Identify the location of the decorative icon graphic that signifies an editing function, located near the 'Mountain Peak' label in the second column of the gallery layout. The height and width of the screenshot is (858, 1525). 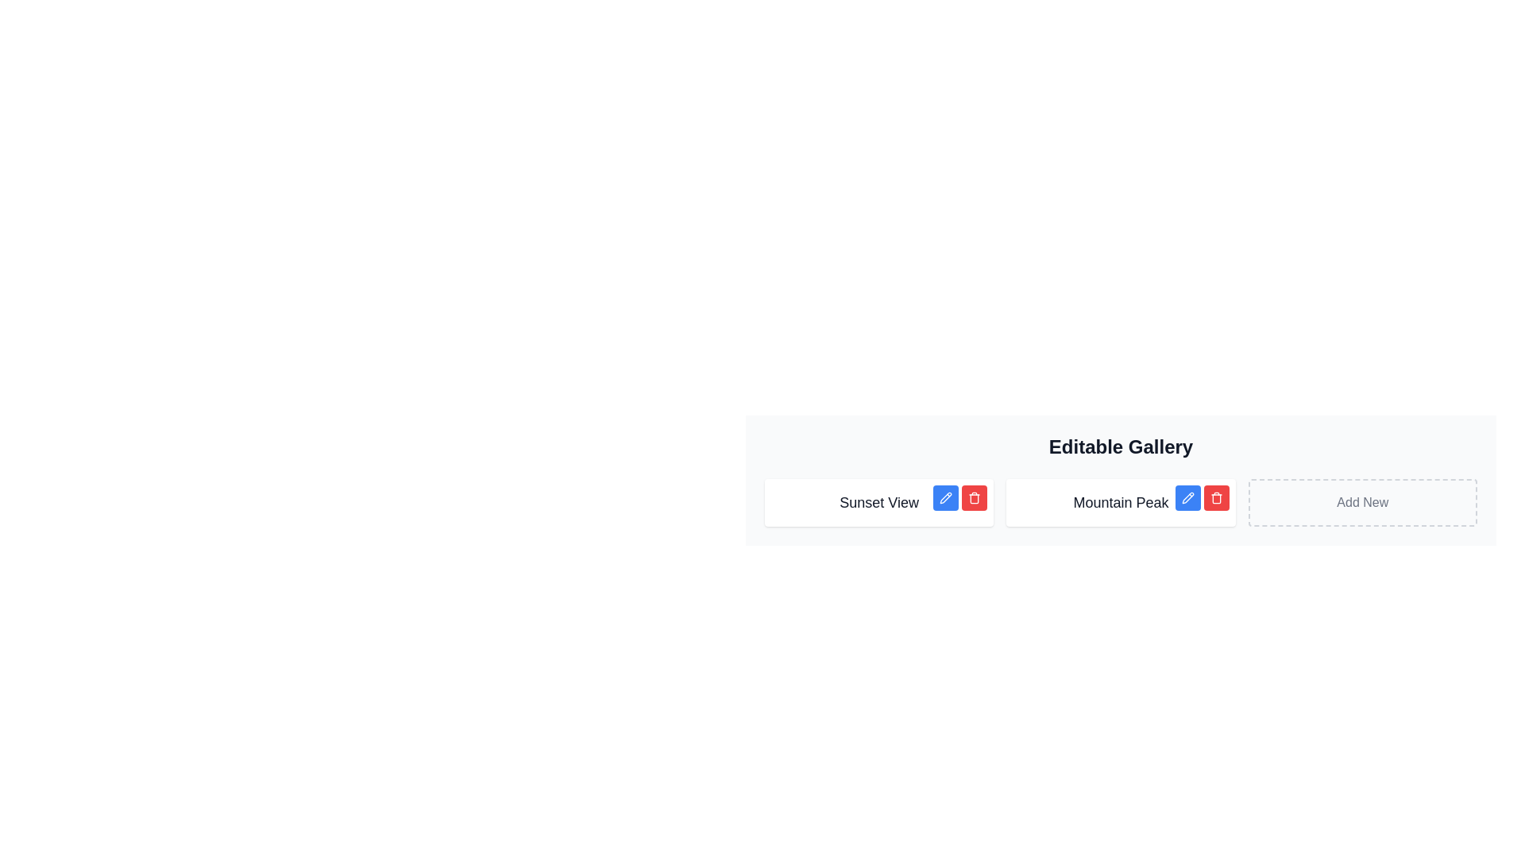
(1187, 497).